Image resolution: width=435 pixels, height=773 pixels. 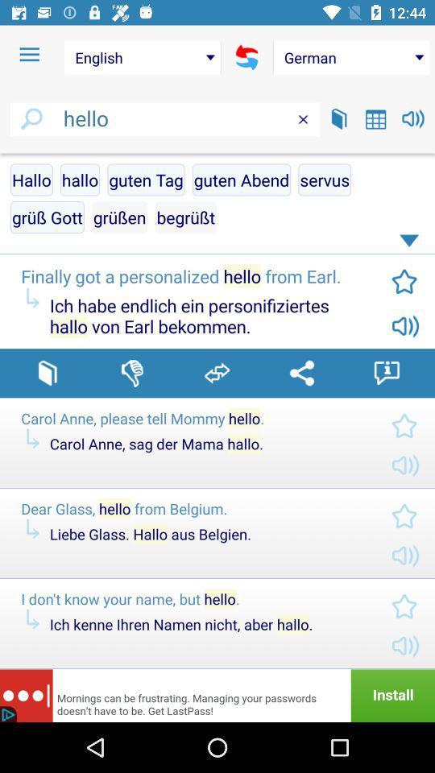 I want to click on item to the left of the english, so click(x=29, y=55).